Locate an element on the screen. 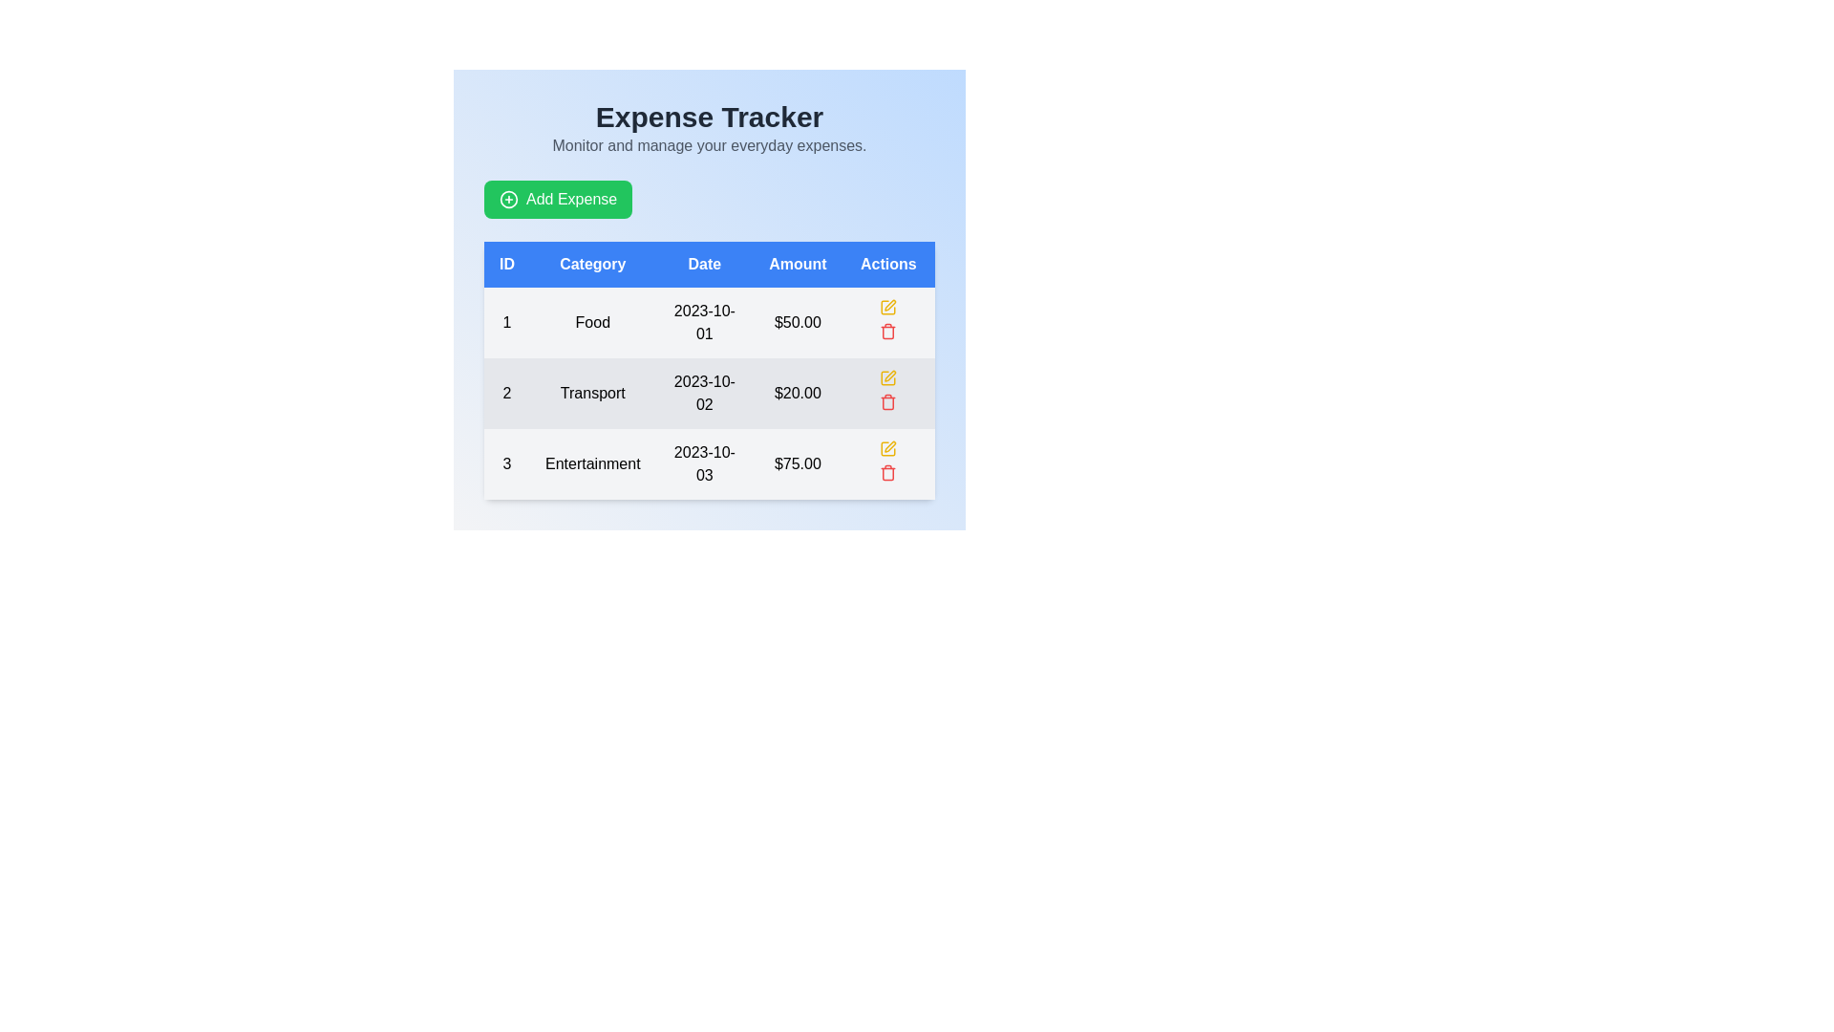  the 'ID' column header label, which is the first element in the header row of the table is located at coordinates (507, 265).